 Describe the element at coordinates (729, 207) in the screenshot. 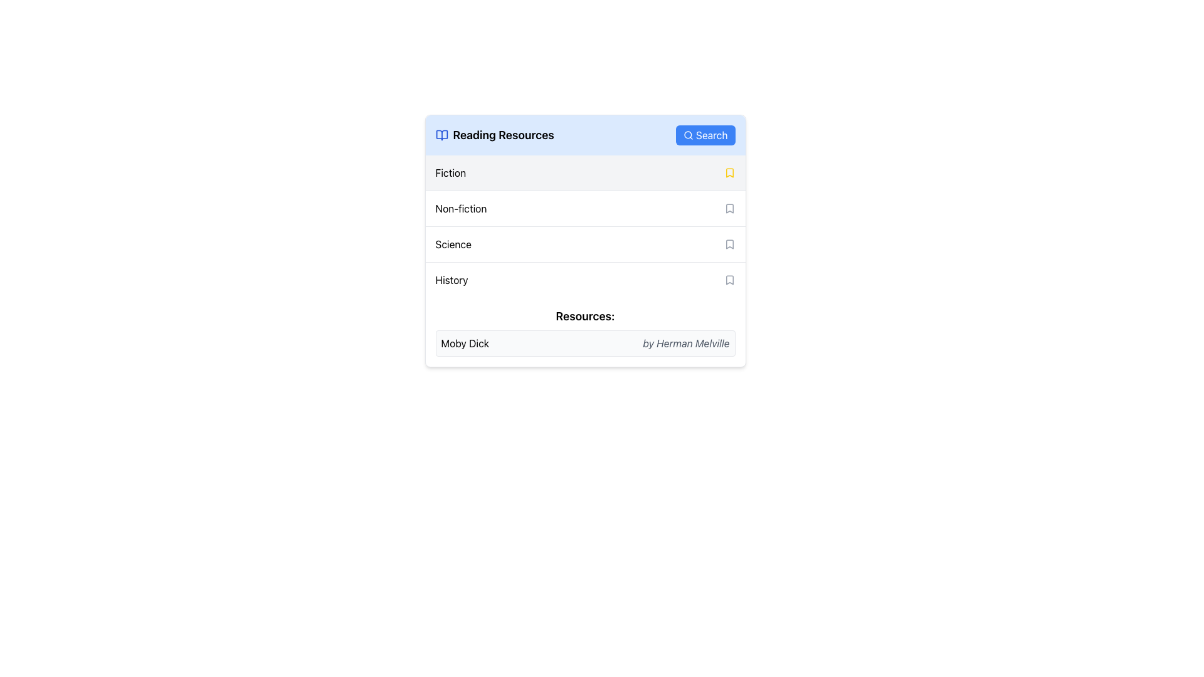

I see `the bookmark icon associated with the 'Non-fiction' entry` at that location.